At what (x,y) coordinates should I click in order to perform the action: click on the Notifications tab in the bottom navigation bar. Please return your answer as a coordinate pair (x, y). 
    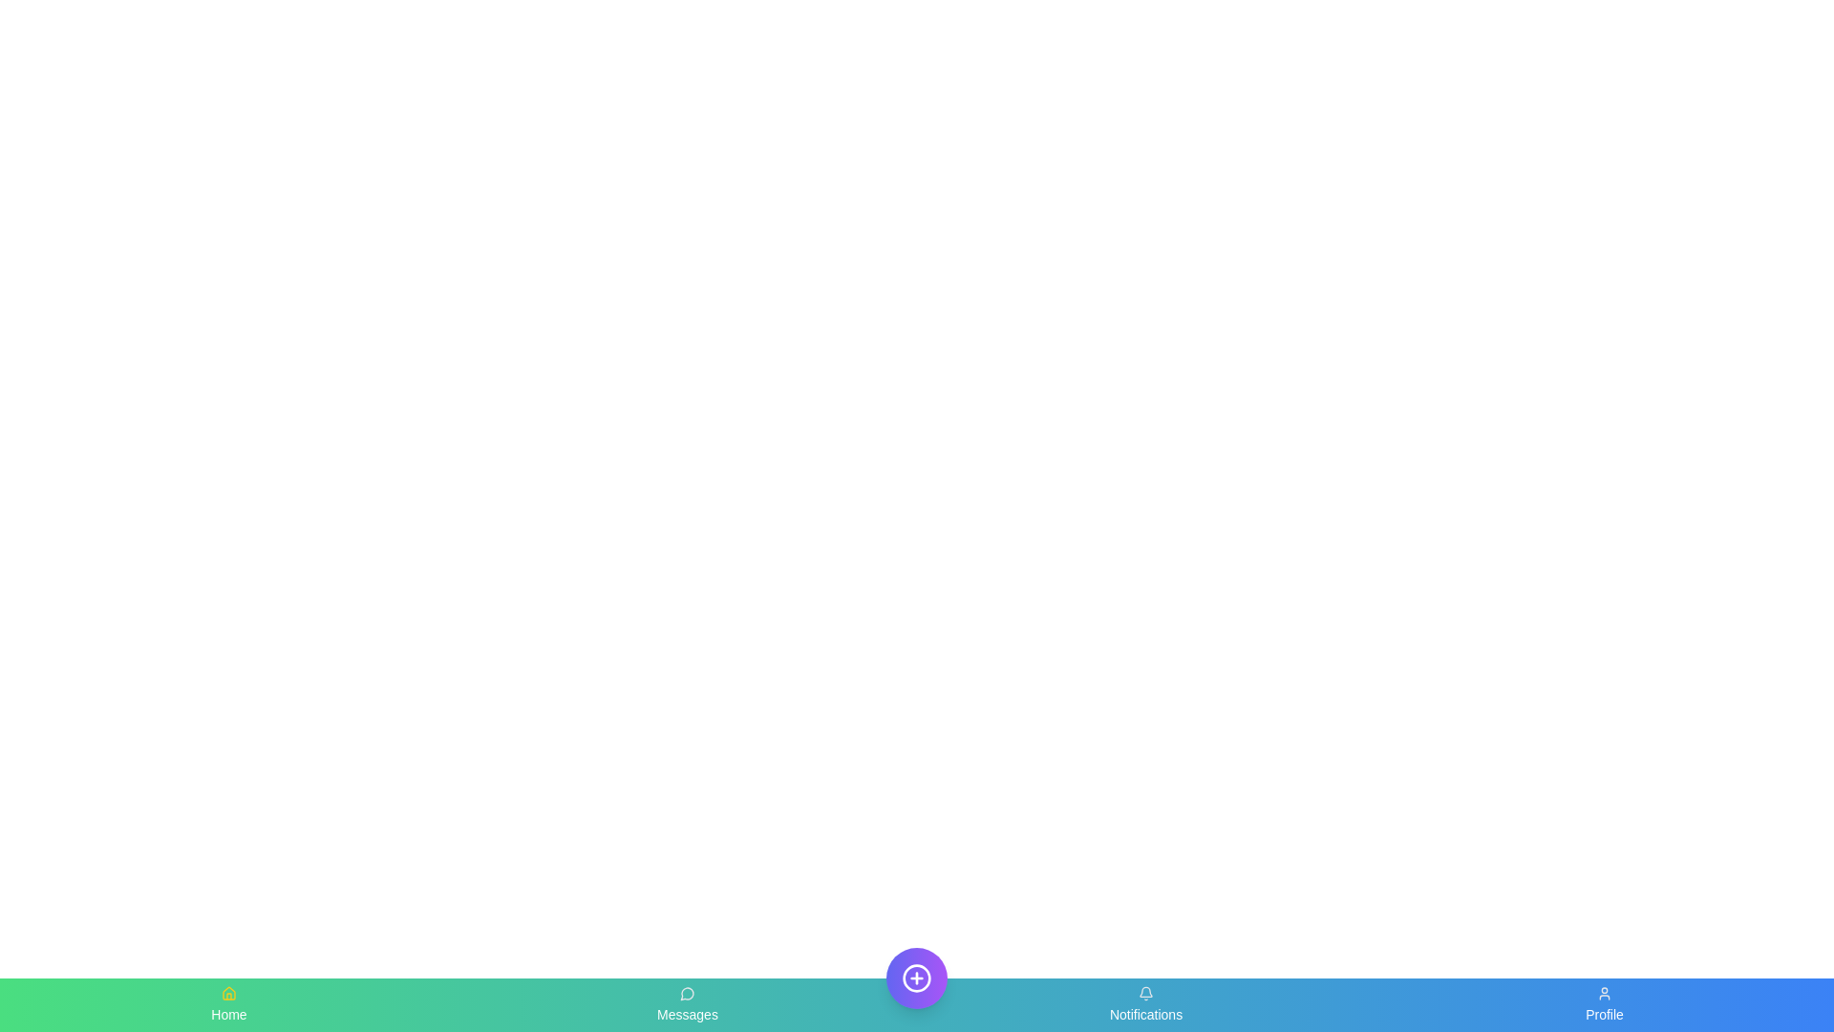
    Looking at the image, I should click on (1146, 1004).